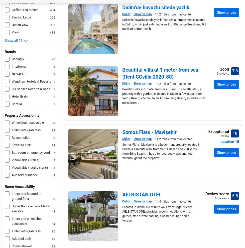 This screenshot has width=245, height=248. I want to click on 'Bathroom emergency cord', so click(30, 152).